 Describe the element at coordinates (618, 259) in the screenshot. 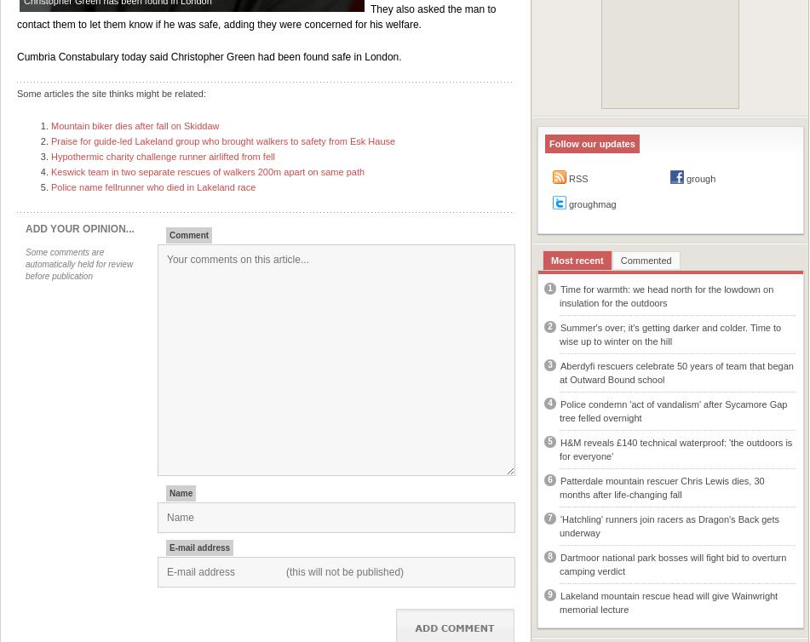

I see `'Commented'` at that location.